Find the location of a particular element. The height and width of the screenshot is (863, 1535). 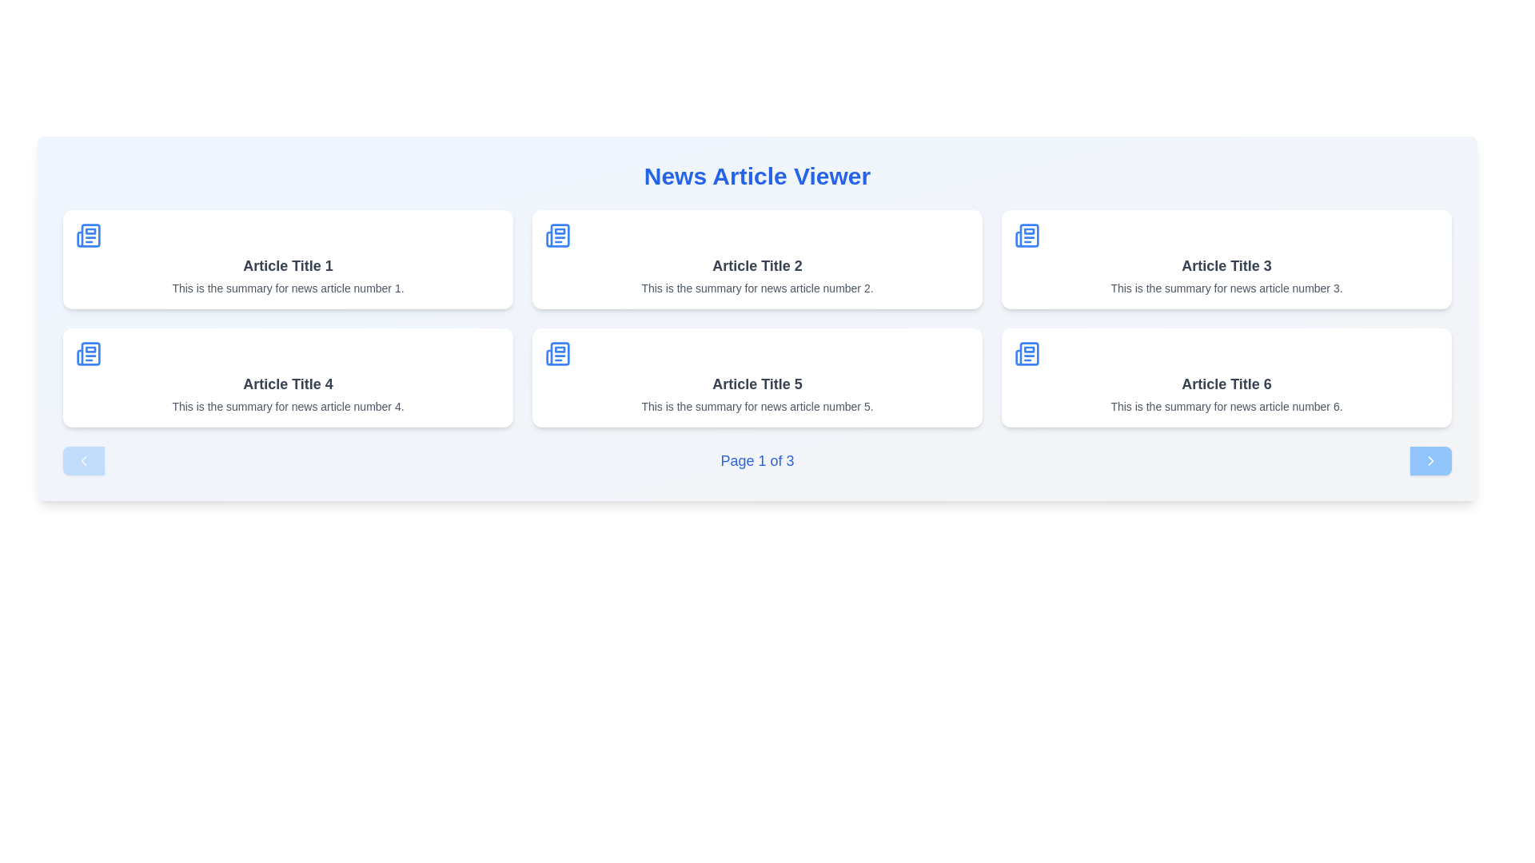

text displayed in the bold, large-sized muted gray label that says 'Article Title 2', located in the top region of the second card in the grid layout is located at coordinates (756, 264).